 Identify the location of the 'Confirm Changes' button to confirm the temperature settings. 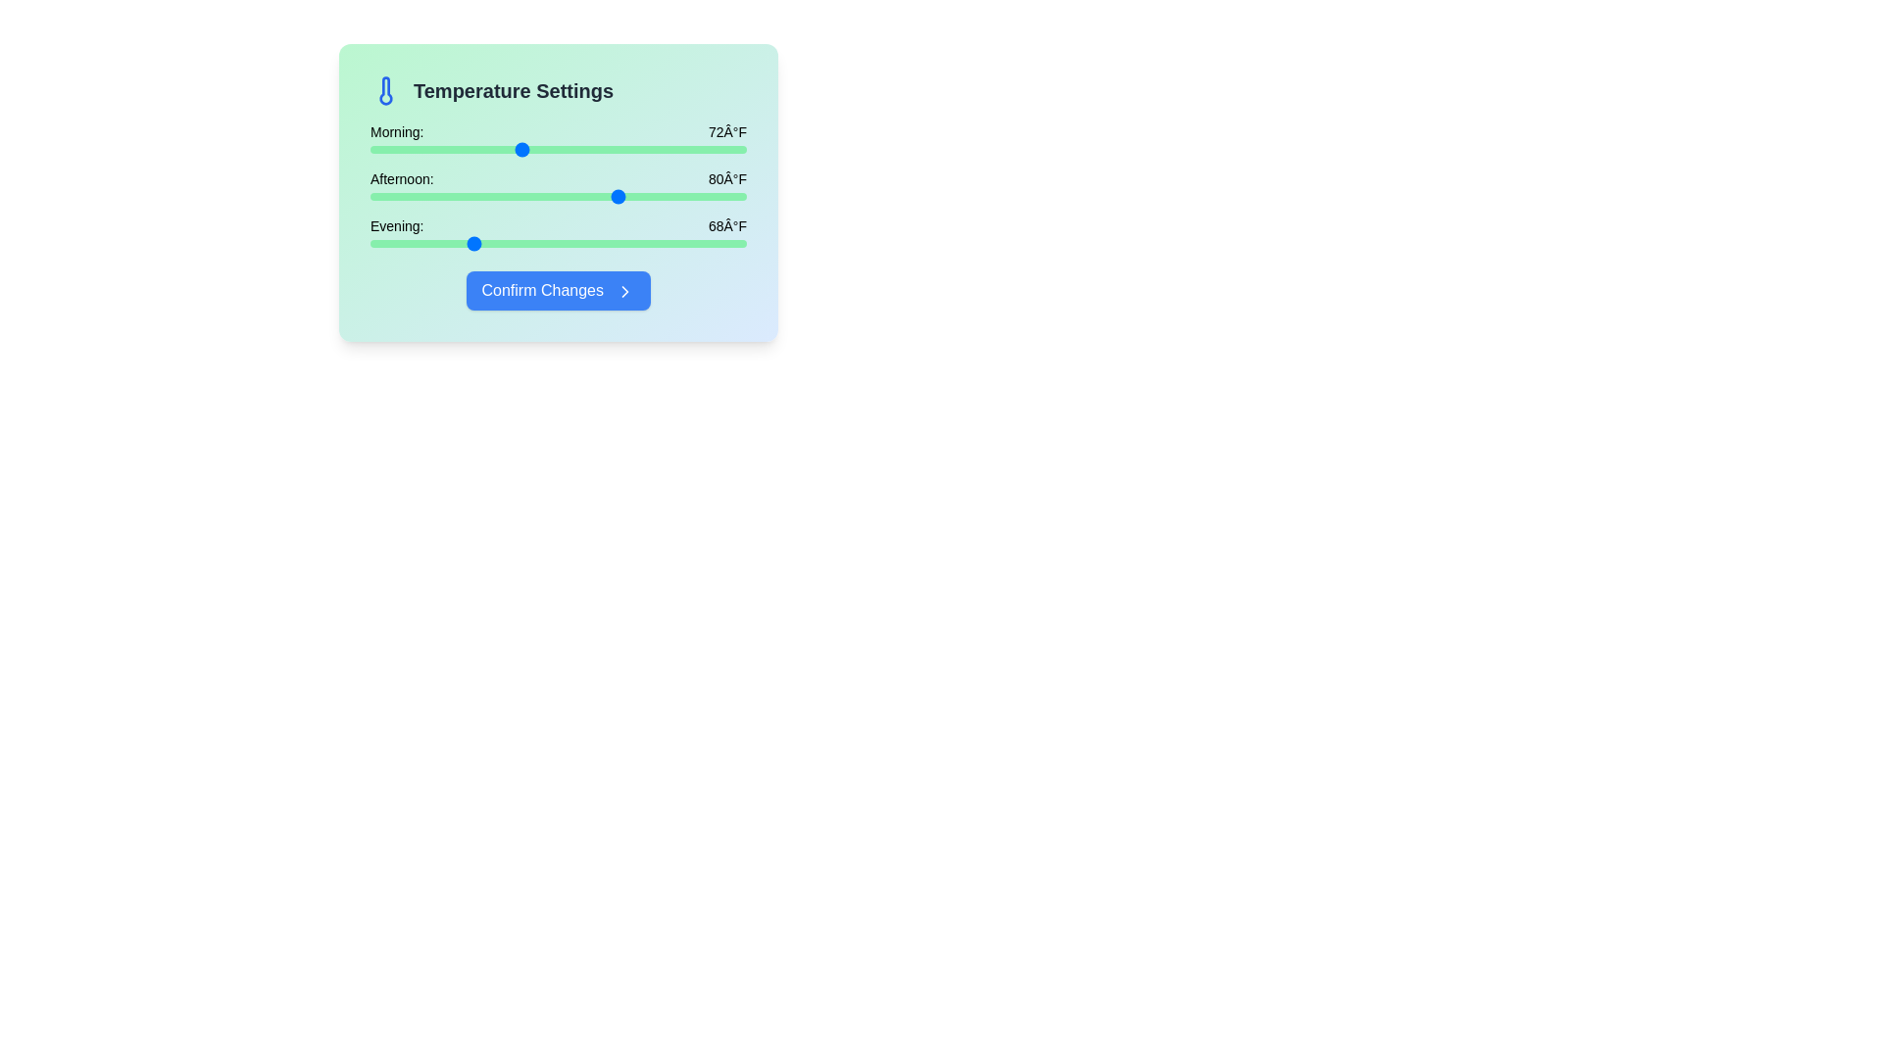
(558, 291).